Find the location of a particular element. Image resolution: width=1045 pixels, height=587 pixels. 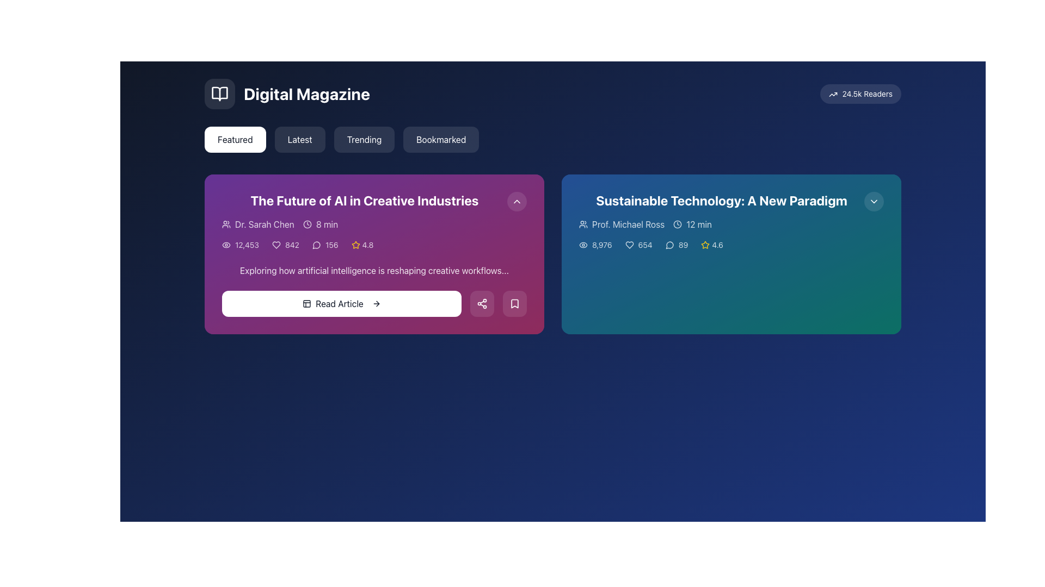

the heart-shaped outline icon representing a 'like' action, located in the engagement stats row of the 'Sustainable Technology: A New Paradigm' card is located at coordinates (629, 245).